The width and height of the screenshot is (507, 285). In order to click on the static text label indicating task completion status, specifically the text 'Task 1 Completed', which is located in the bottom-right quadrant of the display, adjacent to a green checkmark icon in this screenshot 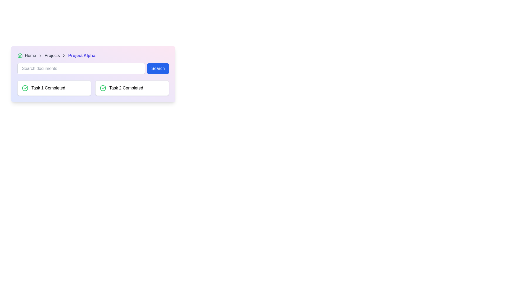, I will do `click(126, 88)`.